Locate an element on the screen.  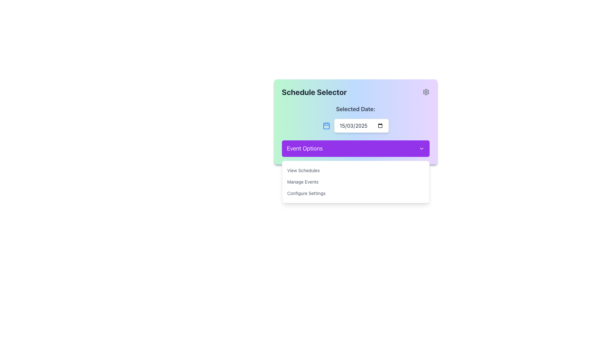
the settings icon, which is a gear icon located at the top-right corner of the 'Schedule Selector' section is located at coordinates (426, 92).